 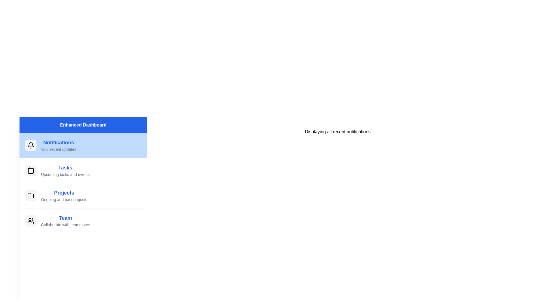 I want to click on the menu item Tasks to access its context menu, so click(x=83, y=170).